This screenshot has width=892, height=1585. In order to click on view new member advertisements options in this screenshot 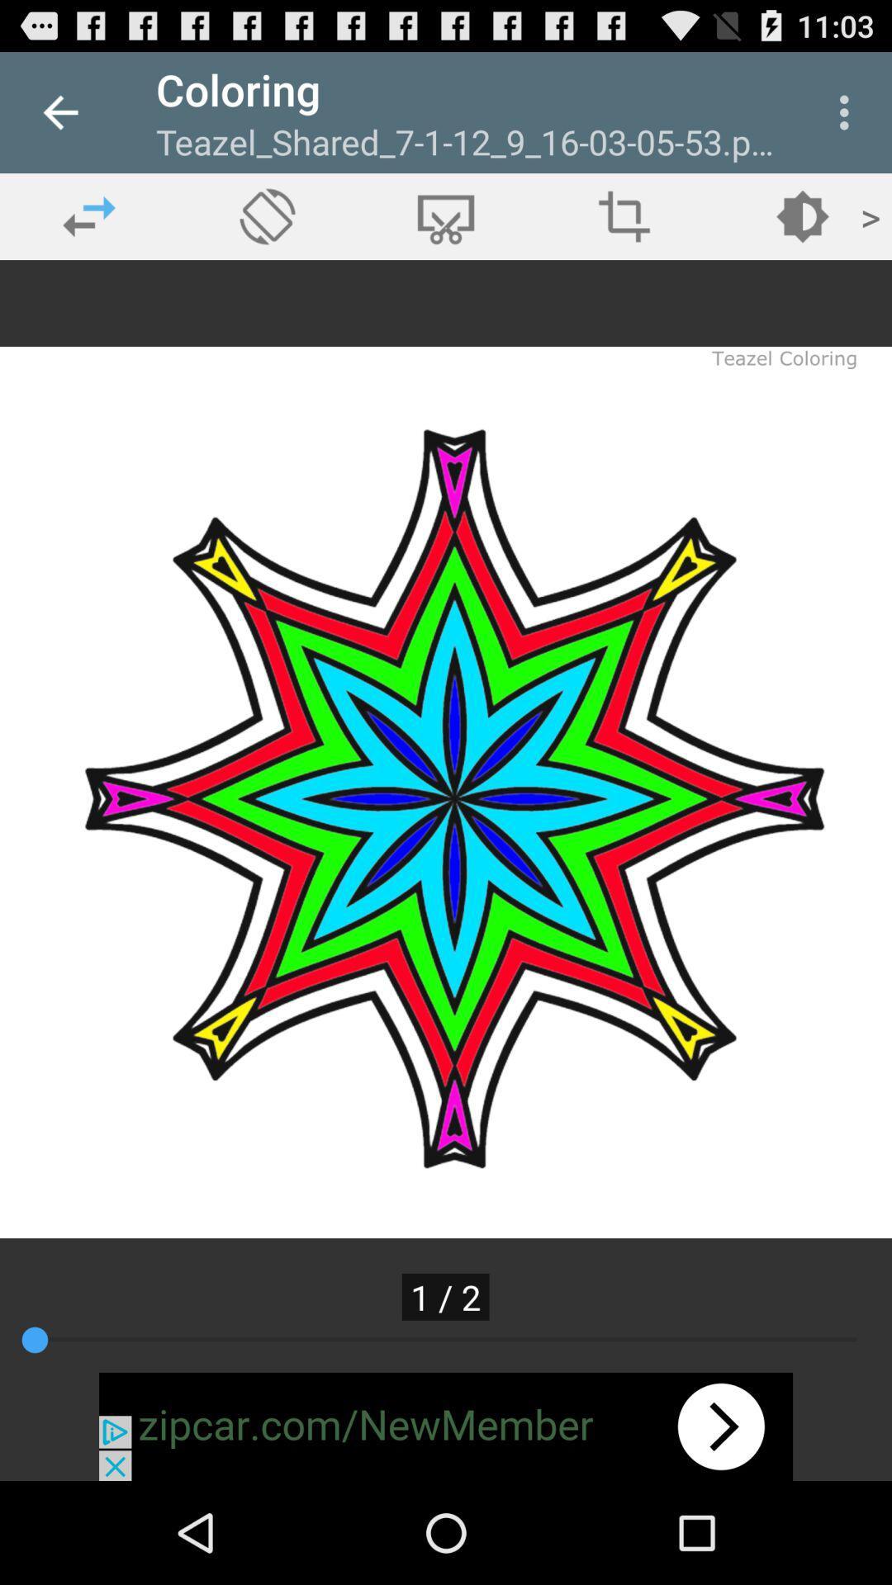, I will do `click(446, 1426)`.